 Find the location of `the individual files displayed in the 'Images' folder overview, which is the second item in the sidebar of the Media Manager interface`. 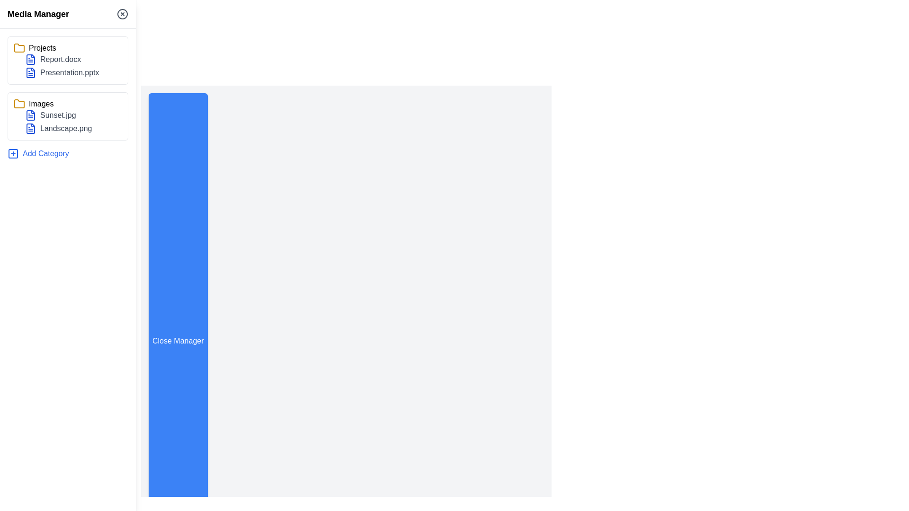

the individual files displayed in the 'Images' folder overview, which is the second item in the sidebar of the Media Manager interface is located at coordinates (67, 116).